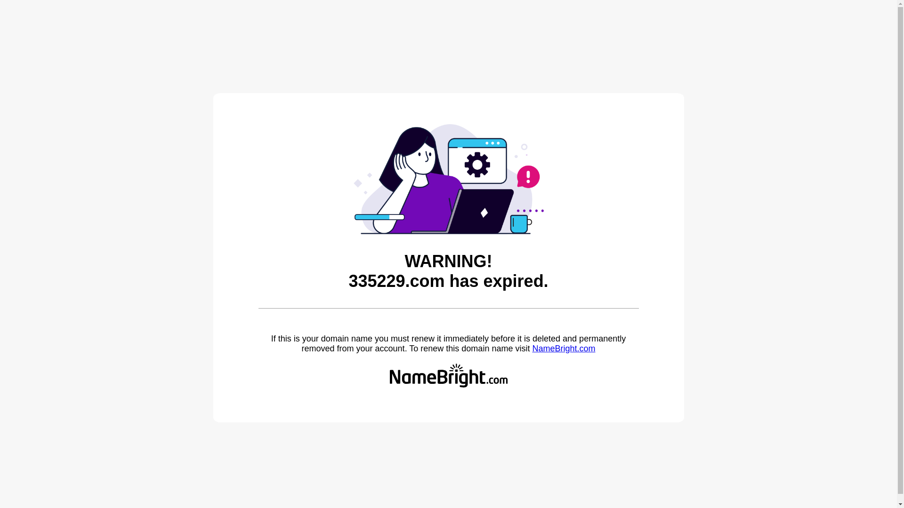 Image resolution: width=904 pixels, height=508 pixels. I want to click on 'NameBright.com', so click(563, 348).